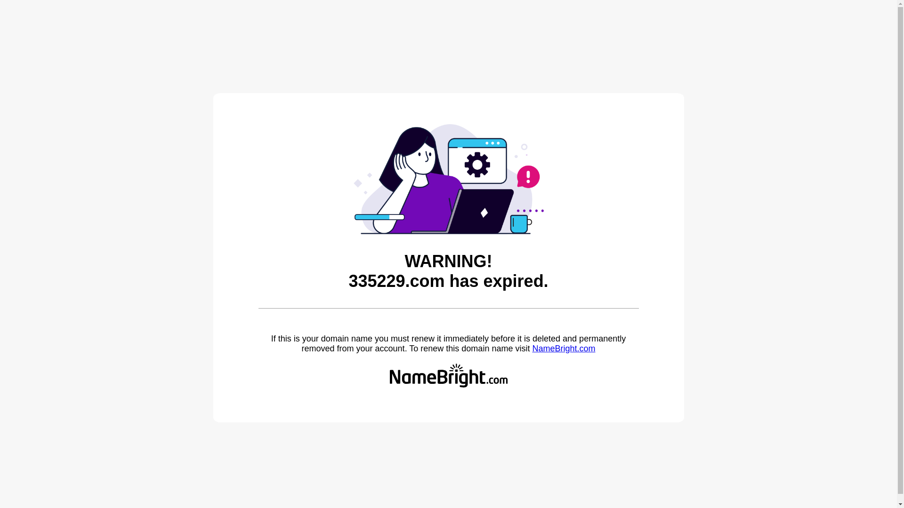 Image resolution: width=904 pixels, height=508 pixels. I want to click on 'NameBright.com', so click(563, 348).